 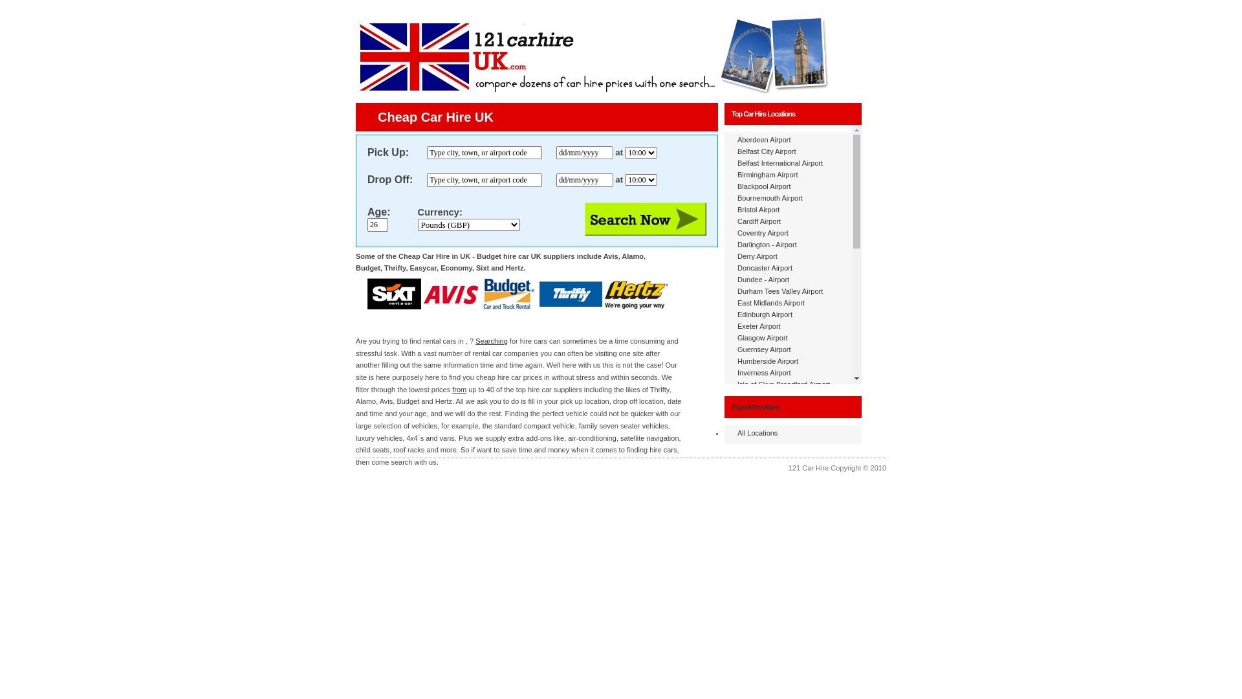 What do you see at coordinates (763, 441) in the screenshot?
I see `'Liverpool Airport'` at bounding box center [763, 441].